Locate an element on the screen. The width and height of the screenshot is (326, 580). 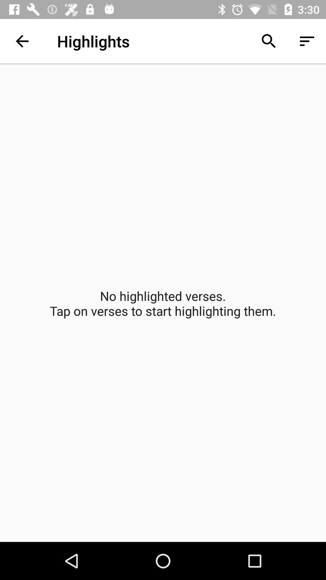
the app next to highlights item is located at coordinates (269, 41).